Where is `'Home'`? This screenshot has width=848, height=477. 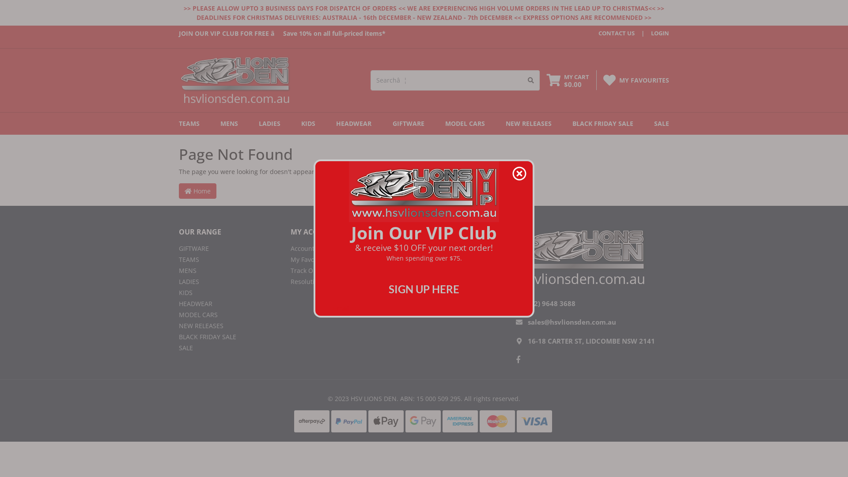
'Home' is located at coordinates (197, 190).